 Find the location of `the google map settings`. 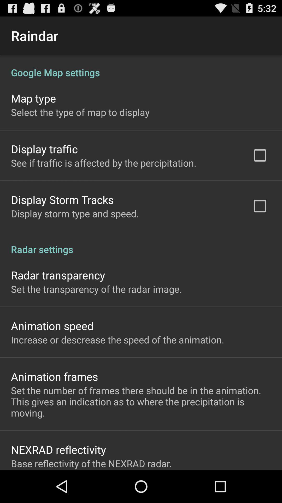

the google map settings is located at coordinates (141, 67).